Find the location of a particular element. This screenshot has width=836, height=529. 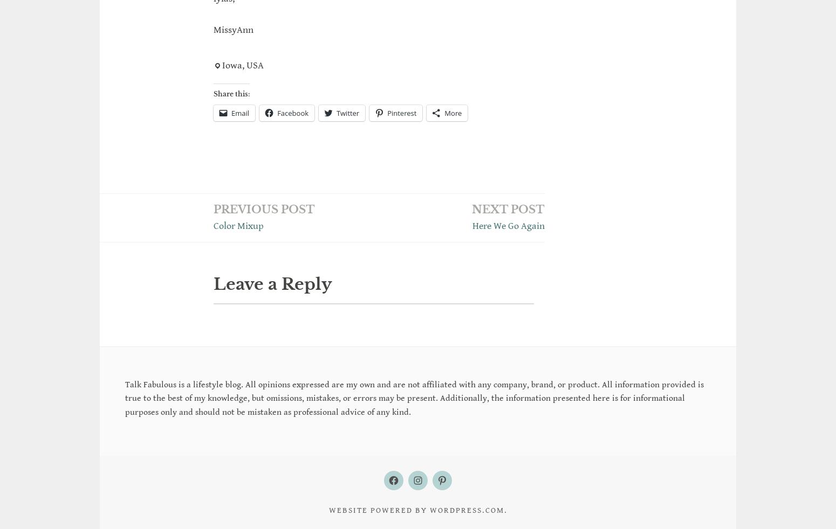

'Share this:' is located at coordinates (231, 93).